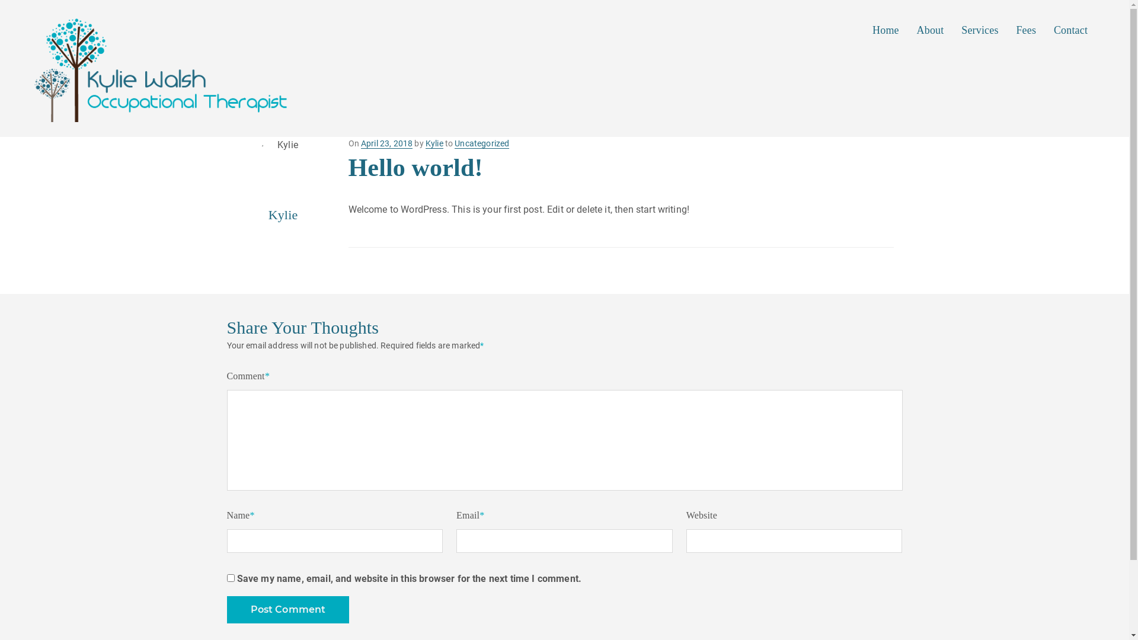 The width and height of the screenshot is (1138, 640). What do you see at coordinates (1026, 29) in the screenshot?
I see `'Fees'` at bounding box center [1026, 29].